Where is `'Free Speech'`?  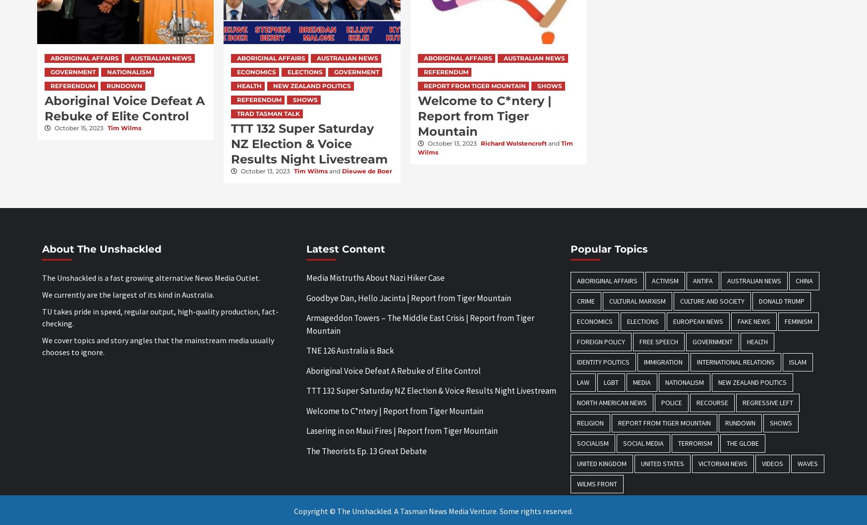 'Free Speech' is located at coordinates (659, 341).